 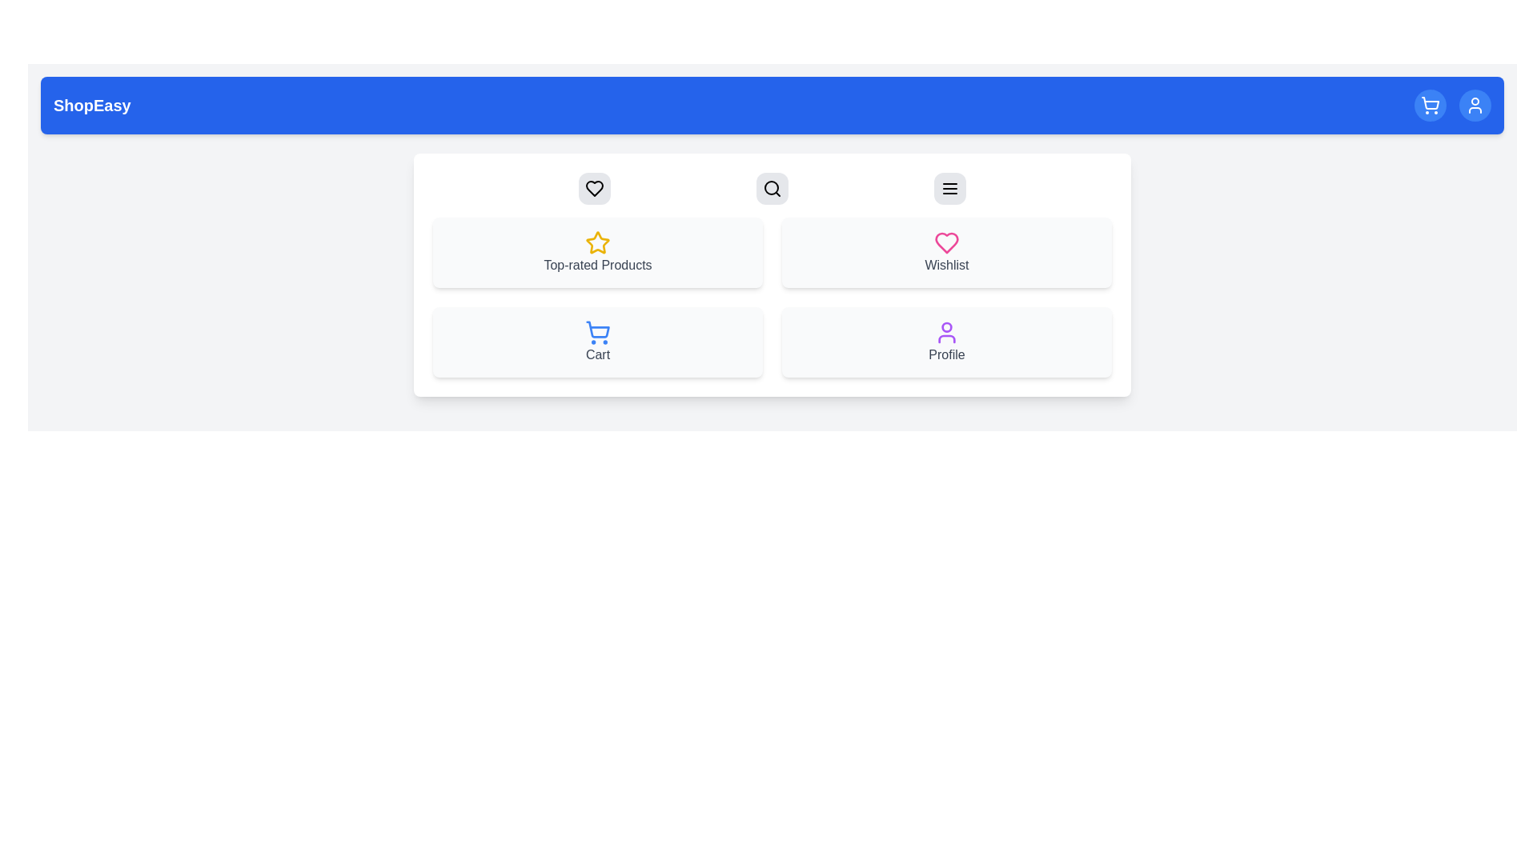 What do you see at coordinates (946, 342) in the screenshot?
I see `the profile card in the bottom-right corner of the grid layout` at bounding box center [946, 342].